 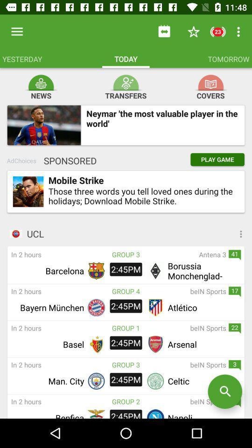 I want to click on open search, so click(x=224, y=392).